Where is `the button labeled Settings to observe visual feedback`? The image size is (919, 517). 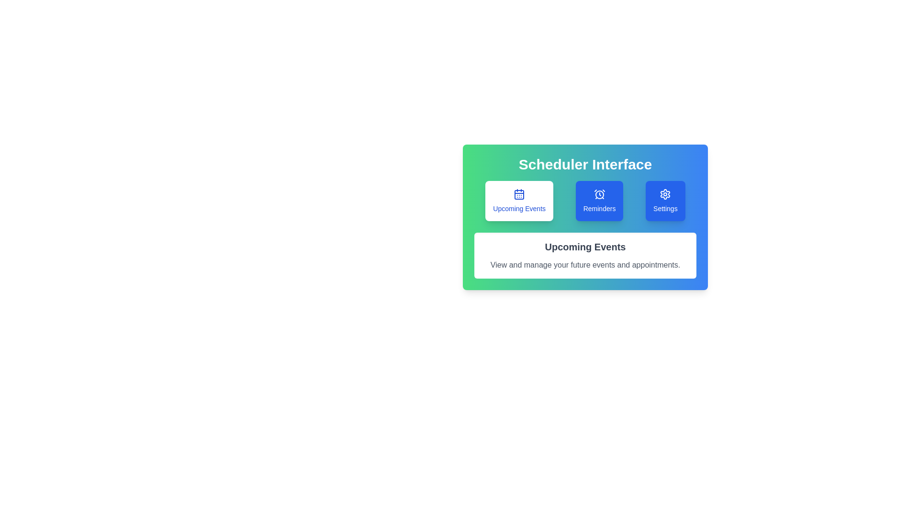 the button labeled Settings to observe visual feedback is located at coordinates (665, 201).